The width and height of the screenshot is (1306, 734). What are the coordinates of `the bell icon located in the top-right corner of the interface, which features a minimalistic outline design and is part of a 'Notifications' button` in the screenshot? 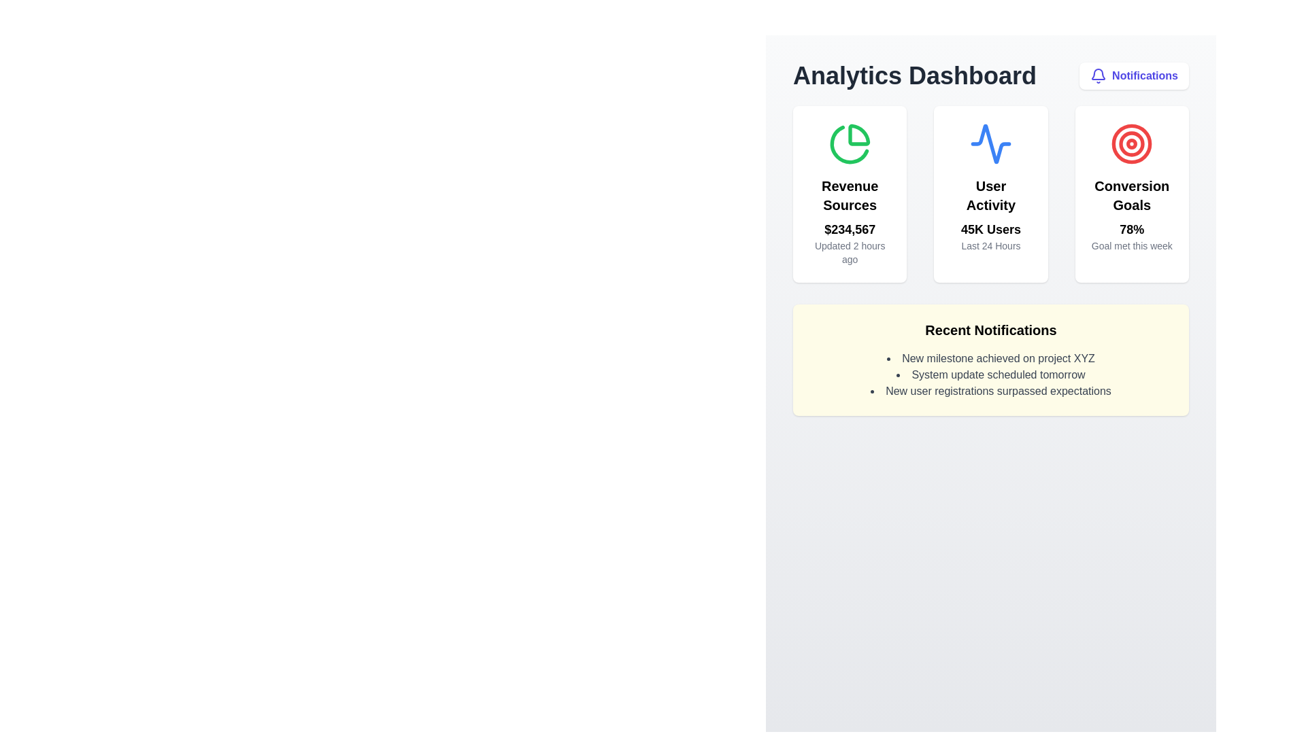 It's located at (1099, 75).